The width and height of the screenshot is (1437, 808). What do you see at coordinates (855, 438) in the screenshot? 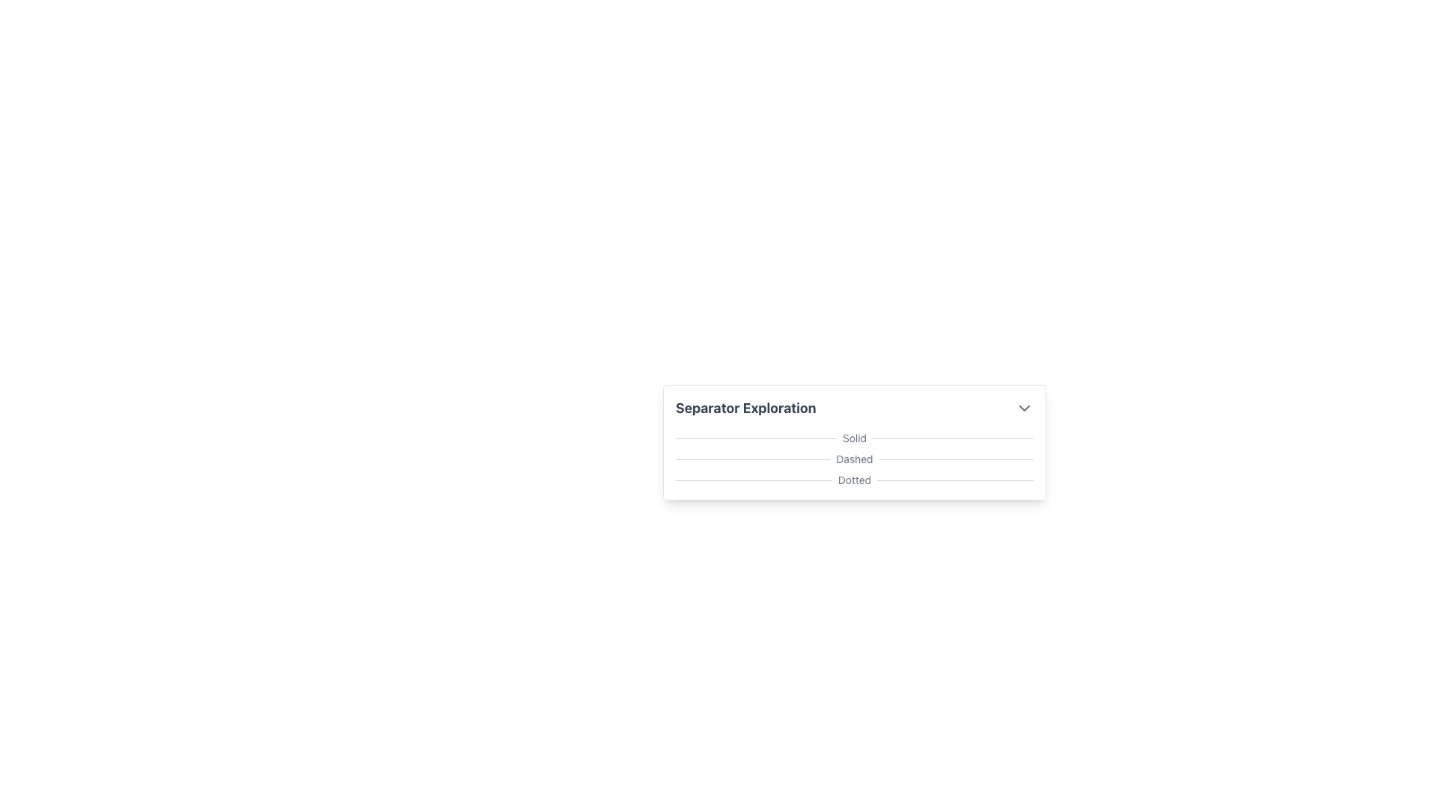
I see `the text label displaying the word 'Solid' in a small gray font, which is centered between two thin horizontal lines` at bounding box center [855, 438].